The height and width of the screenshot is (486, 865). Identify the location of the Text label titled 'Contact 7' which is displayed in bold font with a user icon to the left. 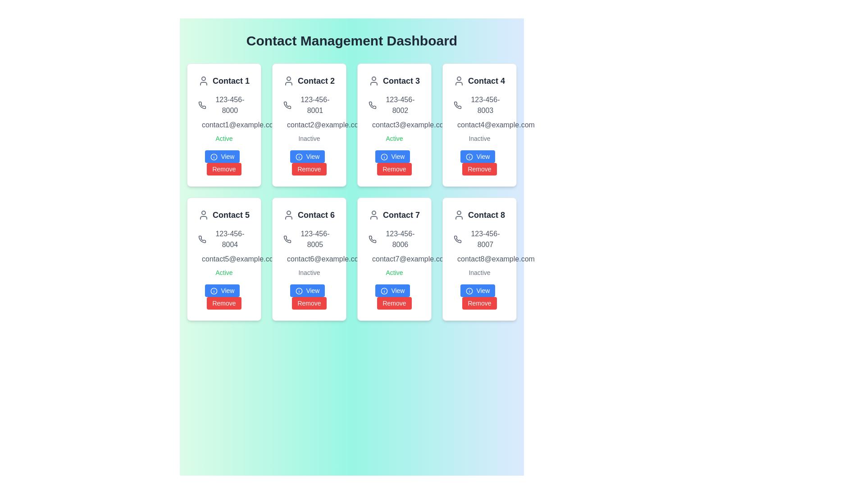
(394, 215).